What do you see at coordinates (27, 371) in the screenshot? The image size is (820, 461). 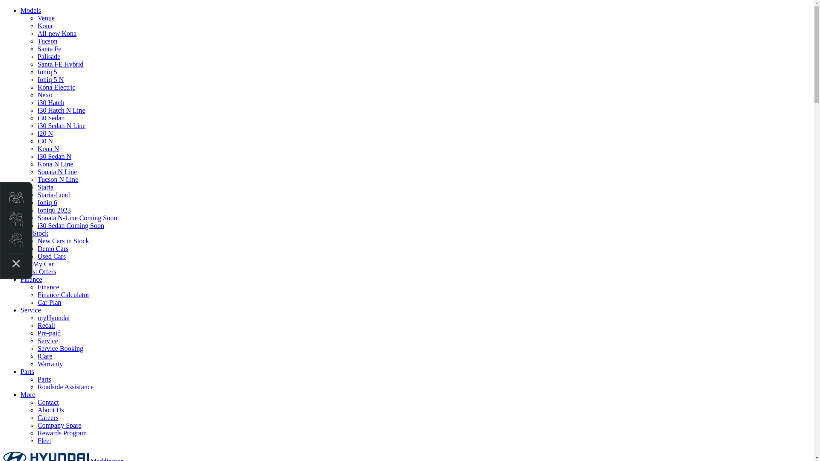 I see `'Parts'` at bounding box center [27, 371].